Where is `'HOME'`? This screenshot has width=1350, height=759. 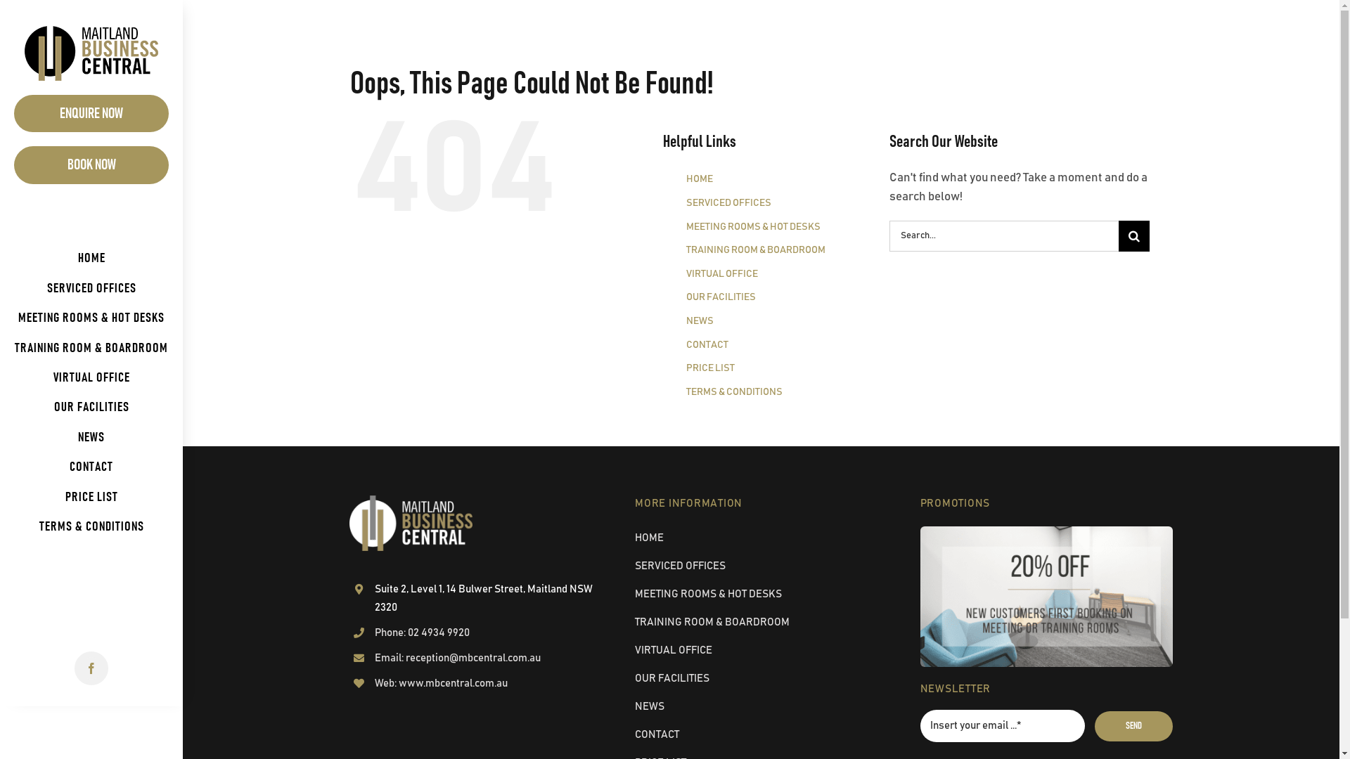 'HOME' is located at coordinates (699, 178).